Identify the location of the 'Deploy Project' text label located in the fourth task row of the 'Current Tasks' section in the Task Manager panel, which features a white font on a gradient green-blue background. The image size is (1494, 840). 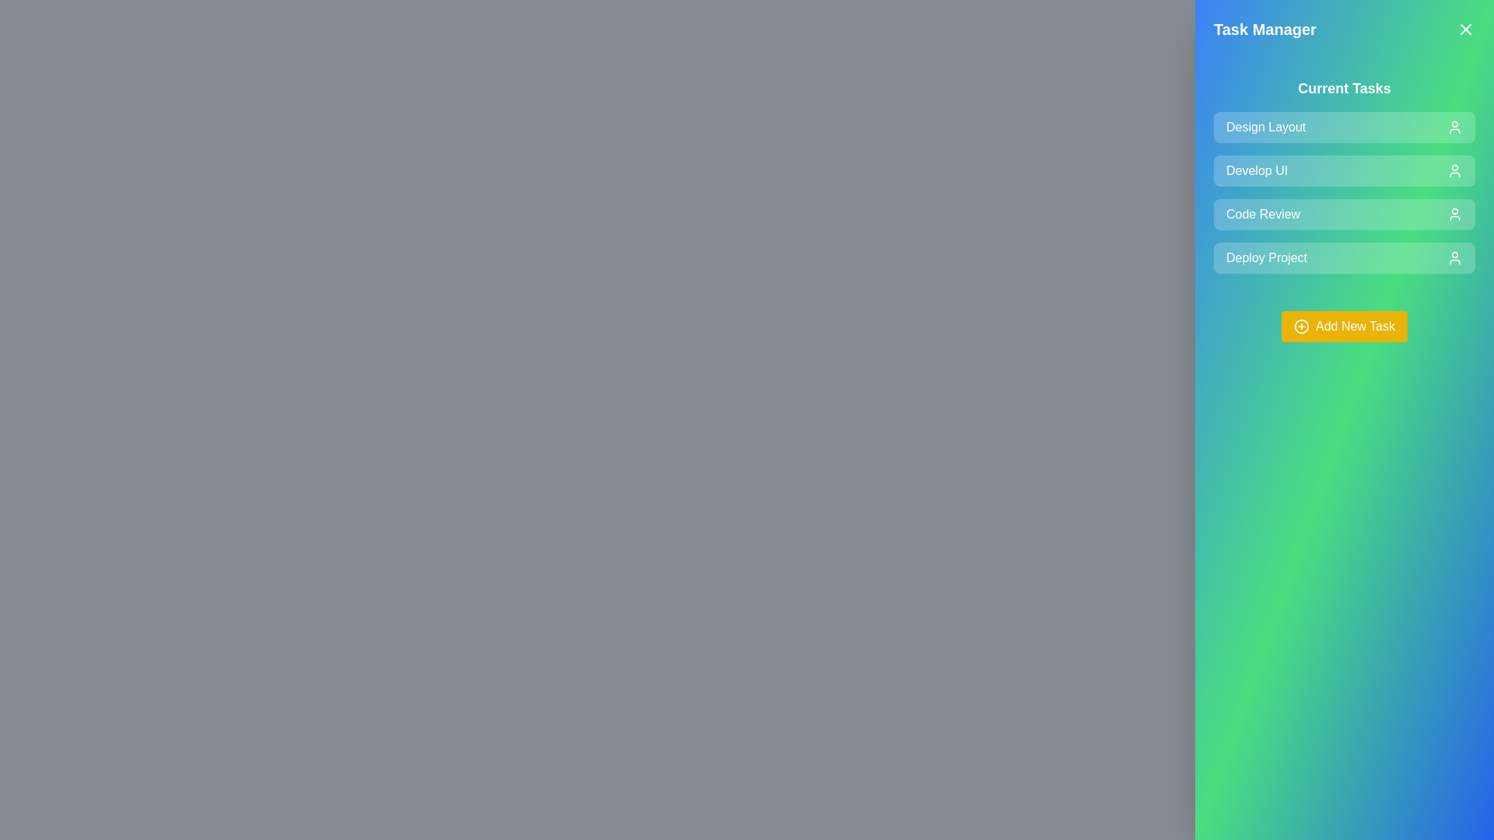
(1266, 257).